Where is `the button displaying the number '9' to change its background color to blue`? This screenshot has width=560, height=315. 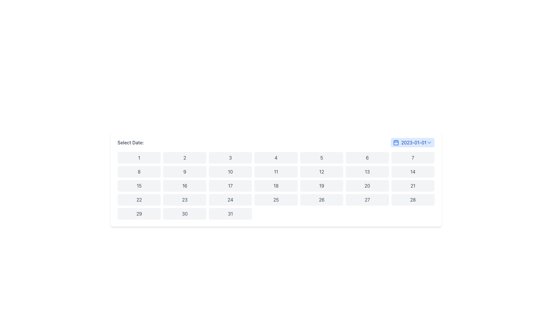
the button displaying the number '9' to change its background color to blue is located at coordinates (184, 171).